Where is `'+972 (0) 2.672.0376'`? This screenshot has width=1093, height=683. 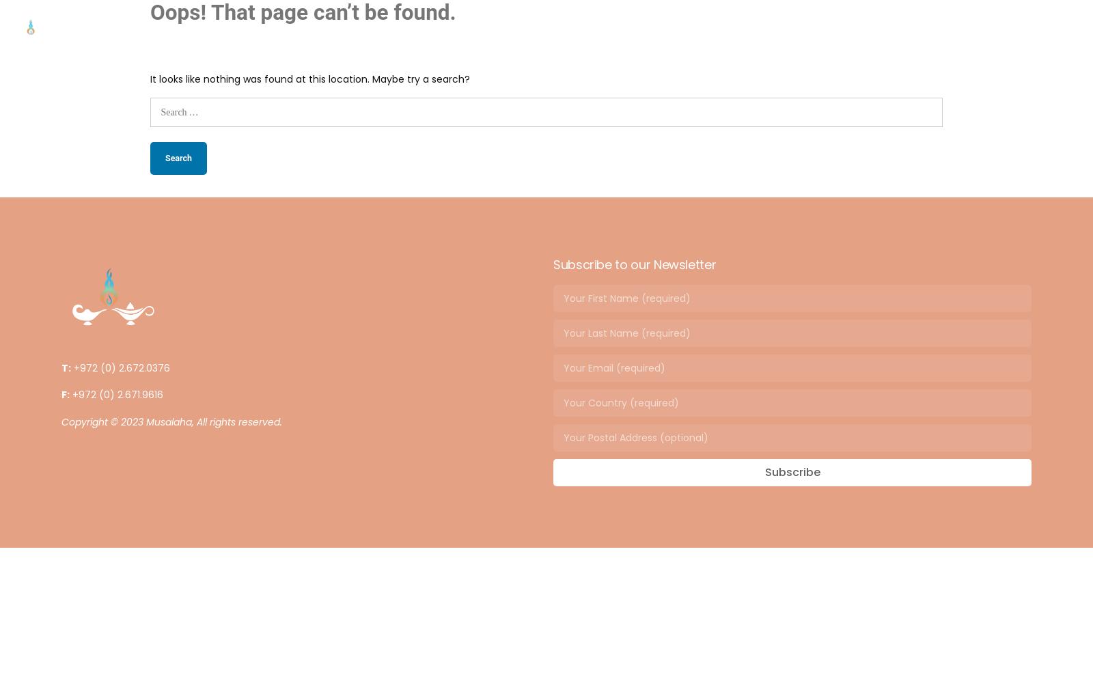
'+972 (0) 2.672.0376' is located at coordinates (122, 368).